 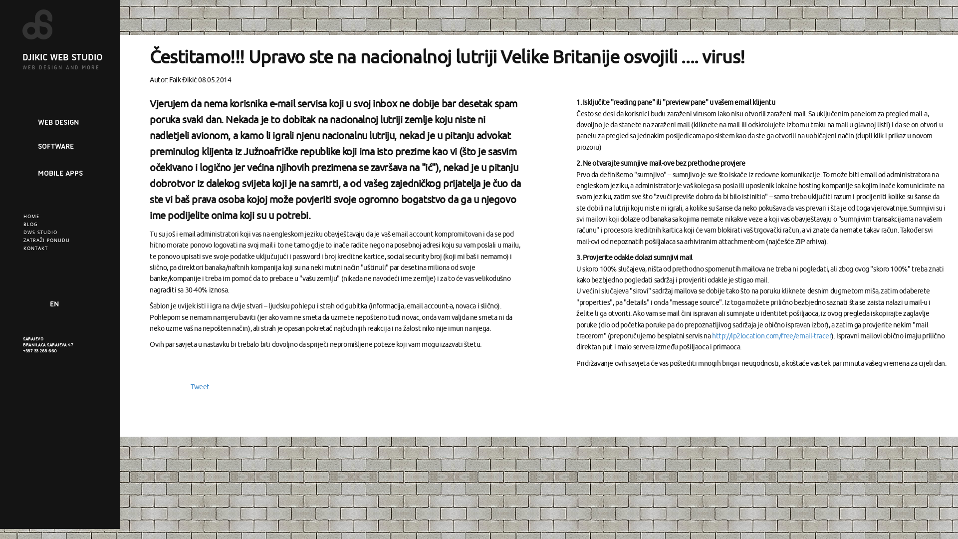 I want to click on 'DJIKIC WEB STUDIO', so click(x=22, y=57).